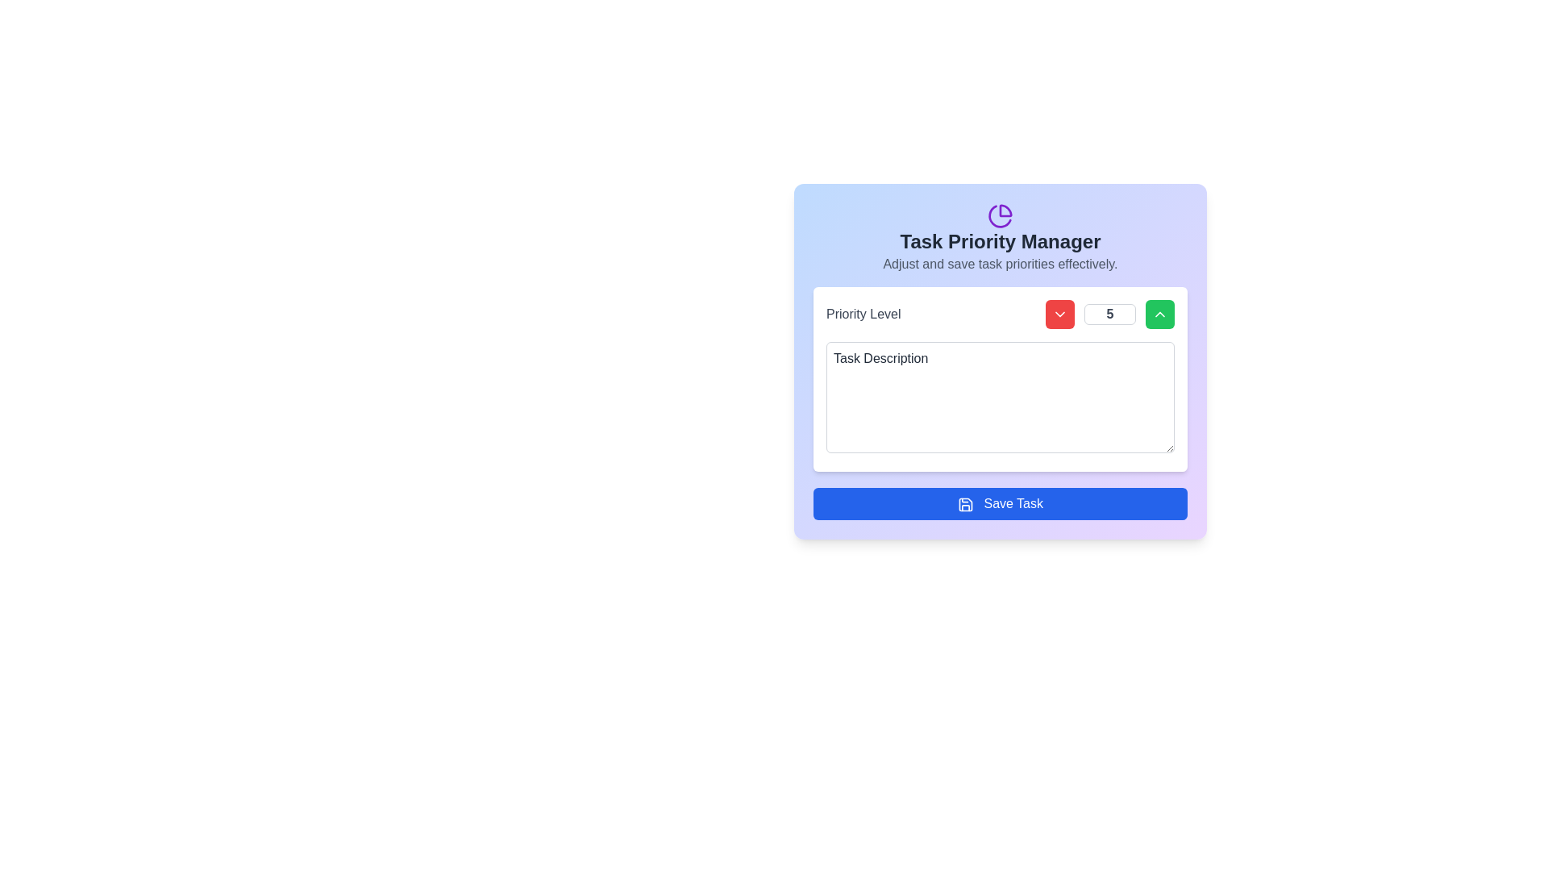 The height and width of the screenshot is (871, 1548). What do you see at coordinates (1159, 314) in the screenshot?
I see `the chevron-up icon, which is a white triangular shape located at the center of a bright green rectangular button, to increment a value` at bounding box center [1159, 314].